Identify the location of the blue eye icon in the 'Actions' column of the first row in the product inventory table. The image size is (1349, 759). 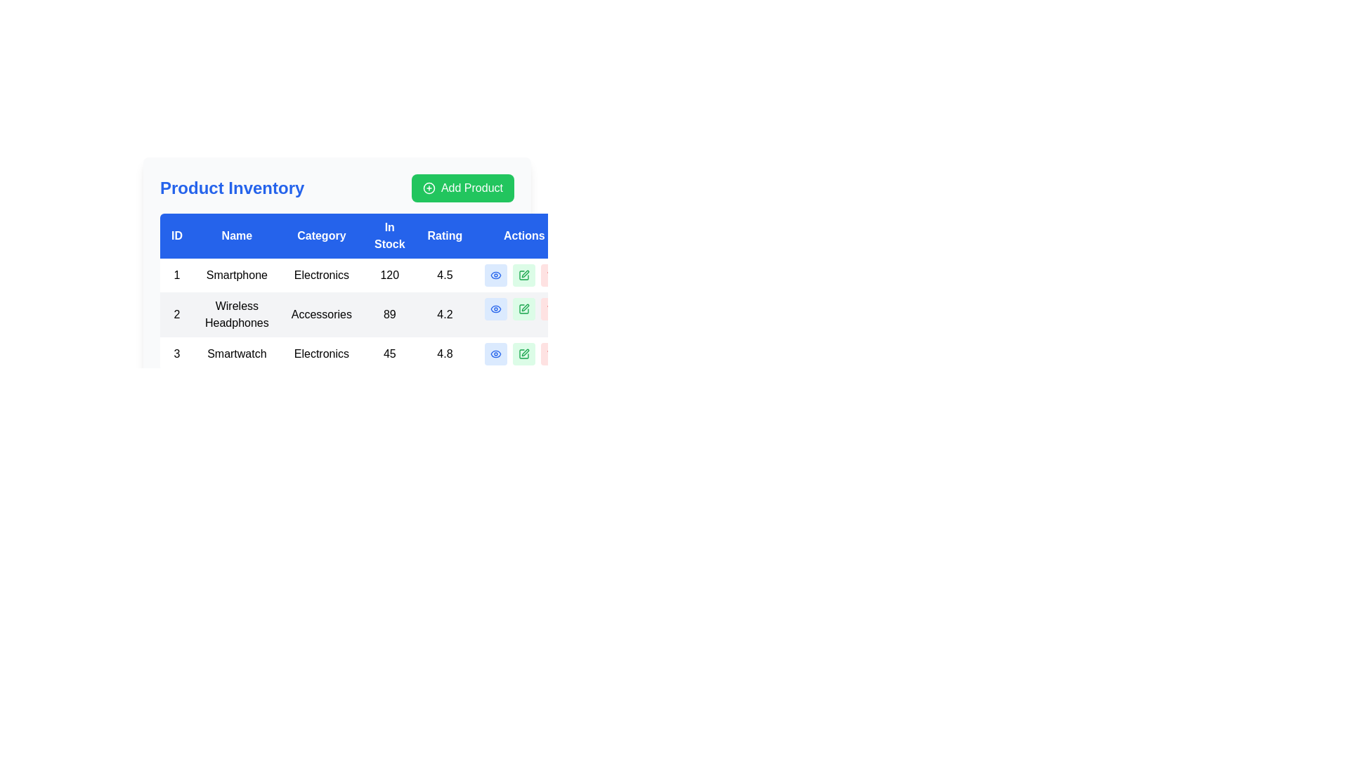
(496, 275).